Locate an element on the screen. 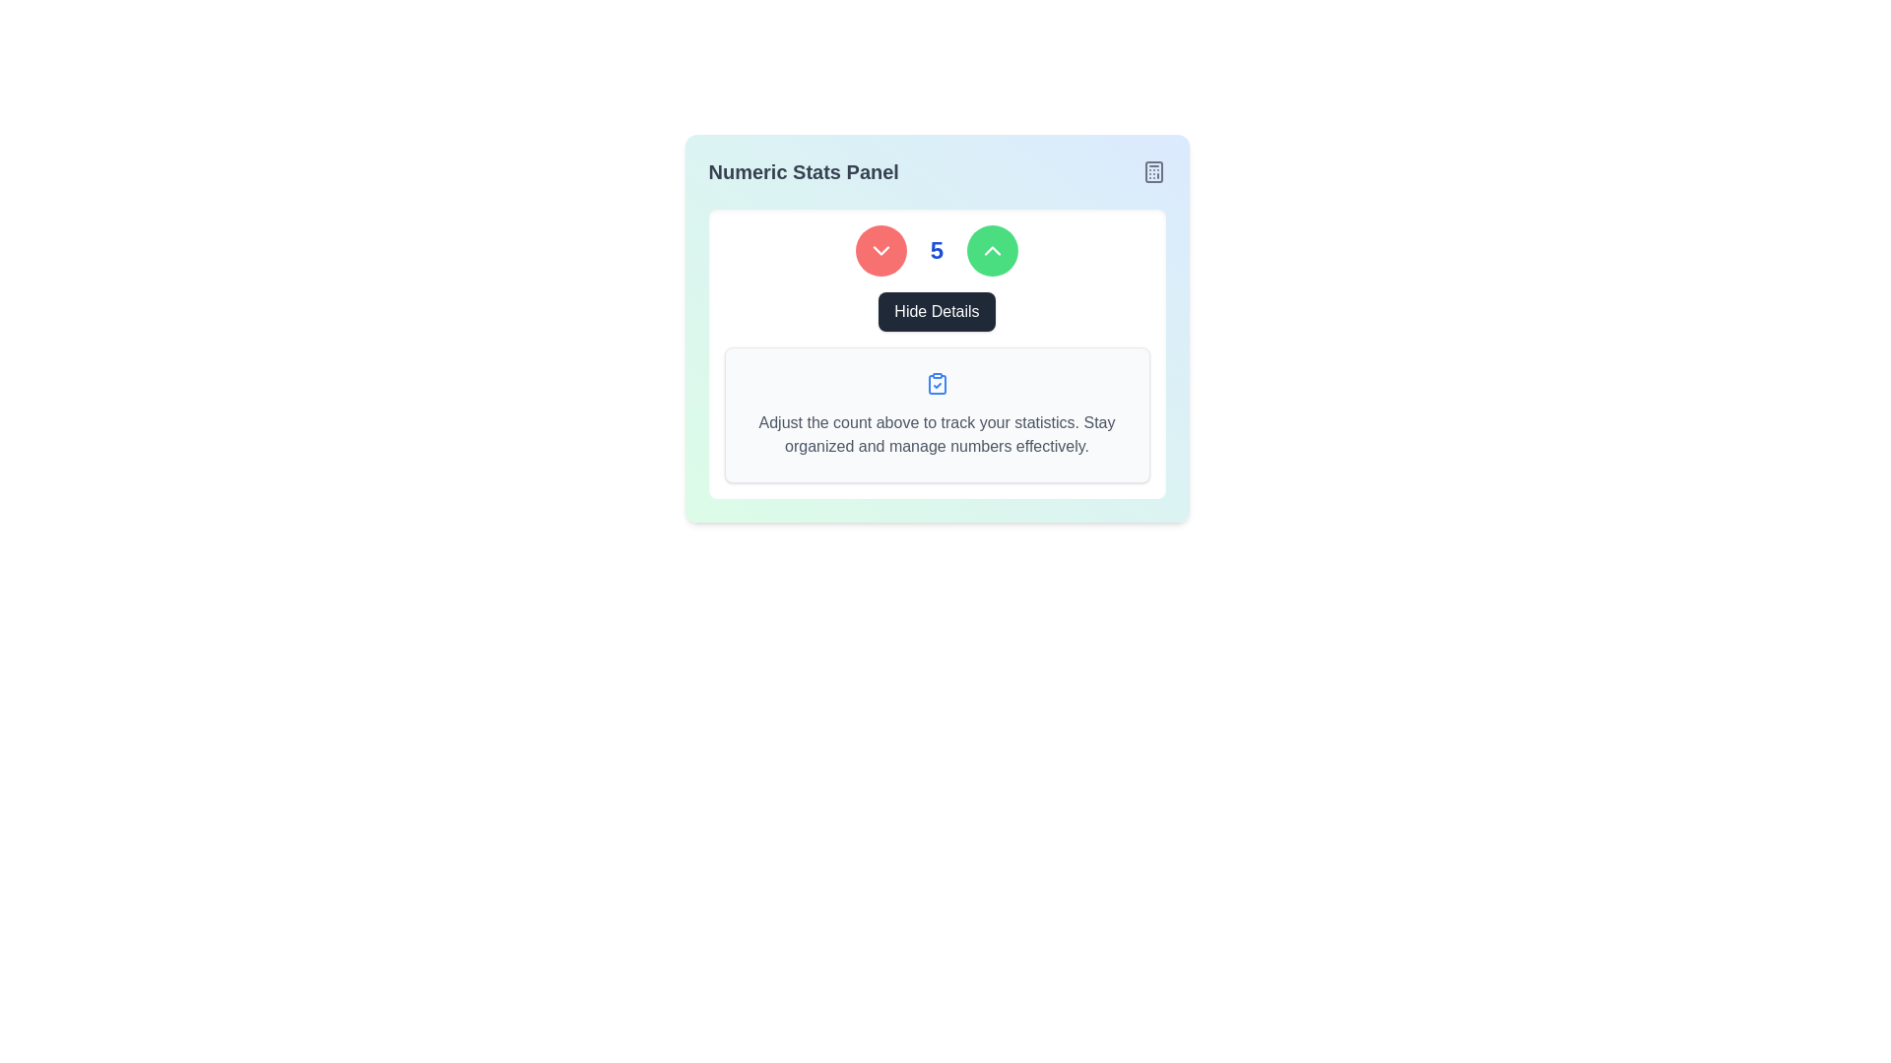  the blue, bold text displaying the number '5', which is centered between a red downwards arrow button on the left and a green upwards arrow button on the right is located at coordinates (936, 249).